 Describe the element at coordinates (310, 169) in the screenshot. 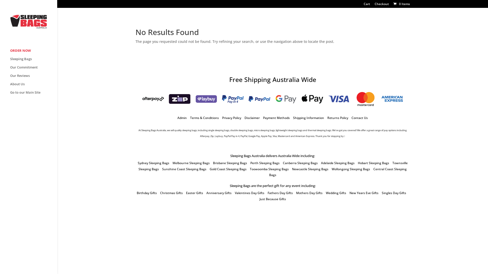

I see `'Newcastle Sleeping Bags'` at that location.